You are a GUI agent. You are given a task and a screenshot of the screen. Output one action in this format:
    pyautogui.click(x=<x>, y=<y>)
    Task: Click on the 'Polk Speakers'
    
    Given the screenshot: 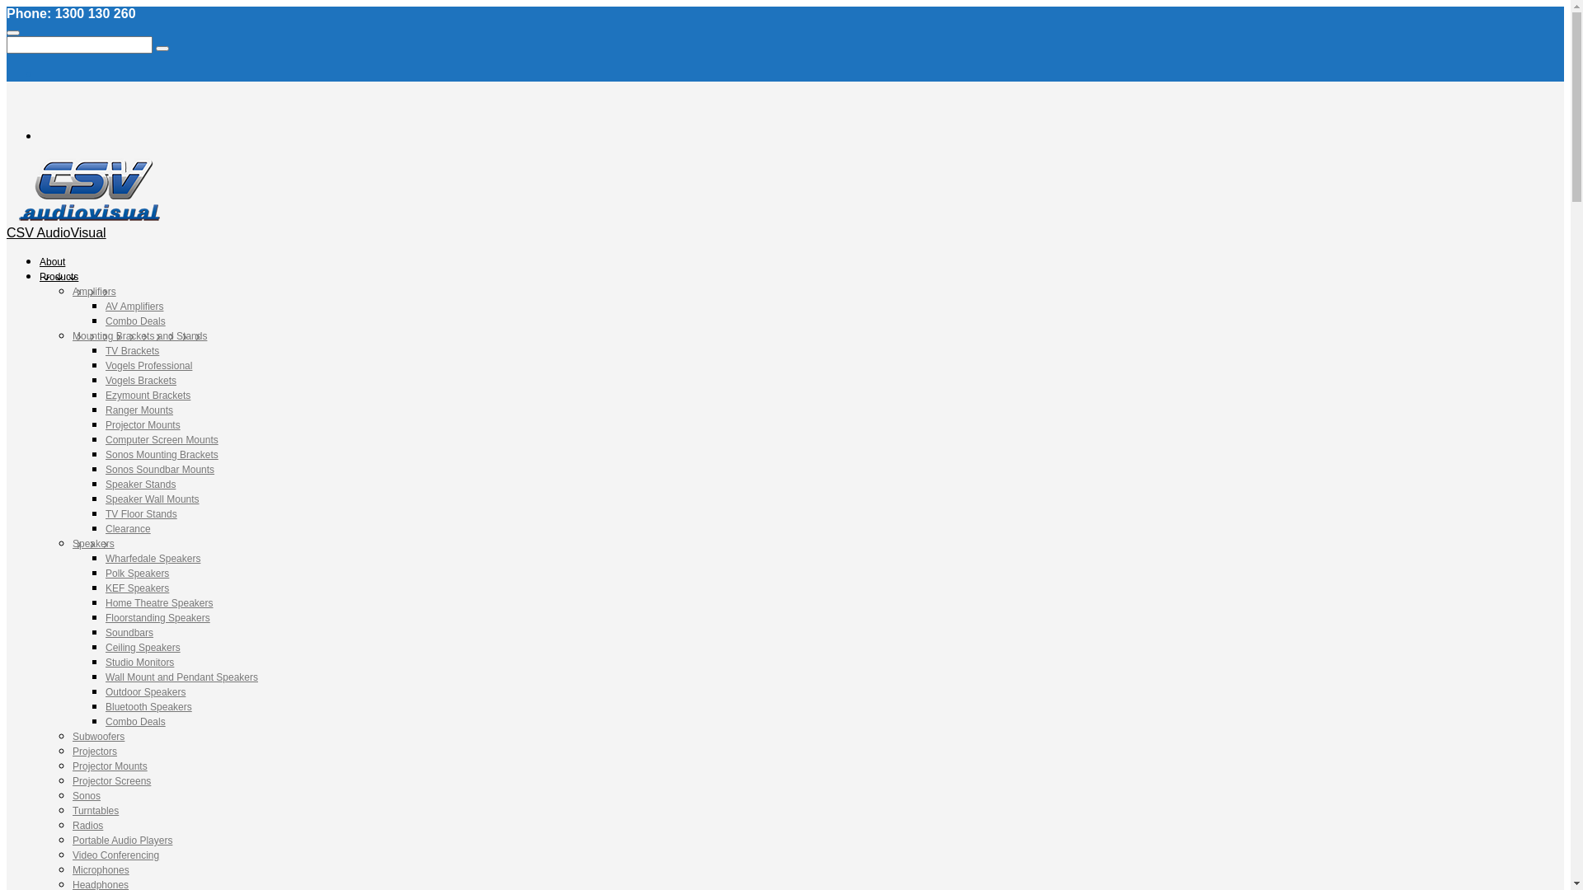 What is the action you would take?
    pyautogui.click(x=137, y=572)
    